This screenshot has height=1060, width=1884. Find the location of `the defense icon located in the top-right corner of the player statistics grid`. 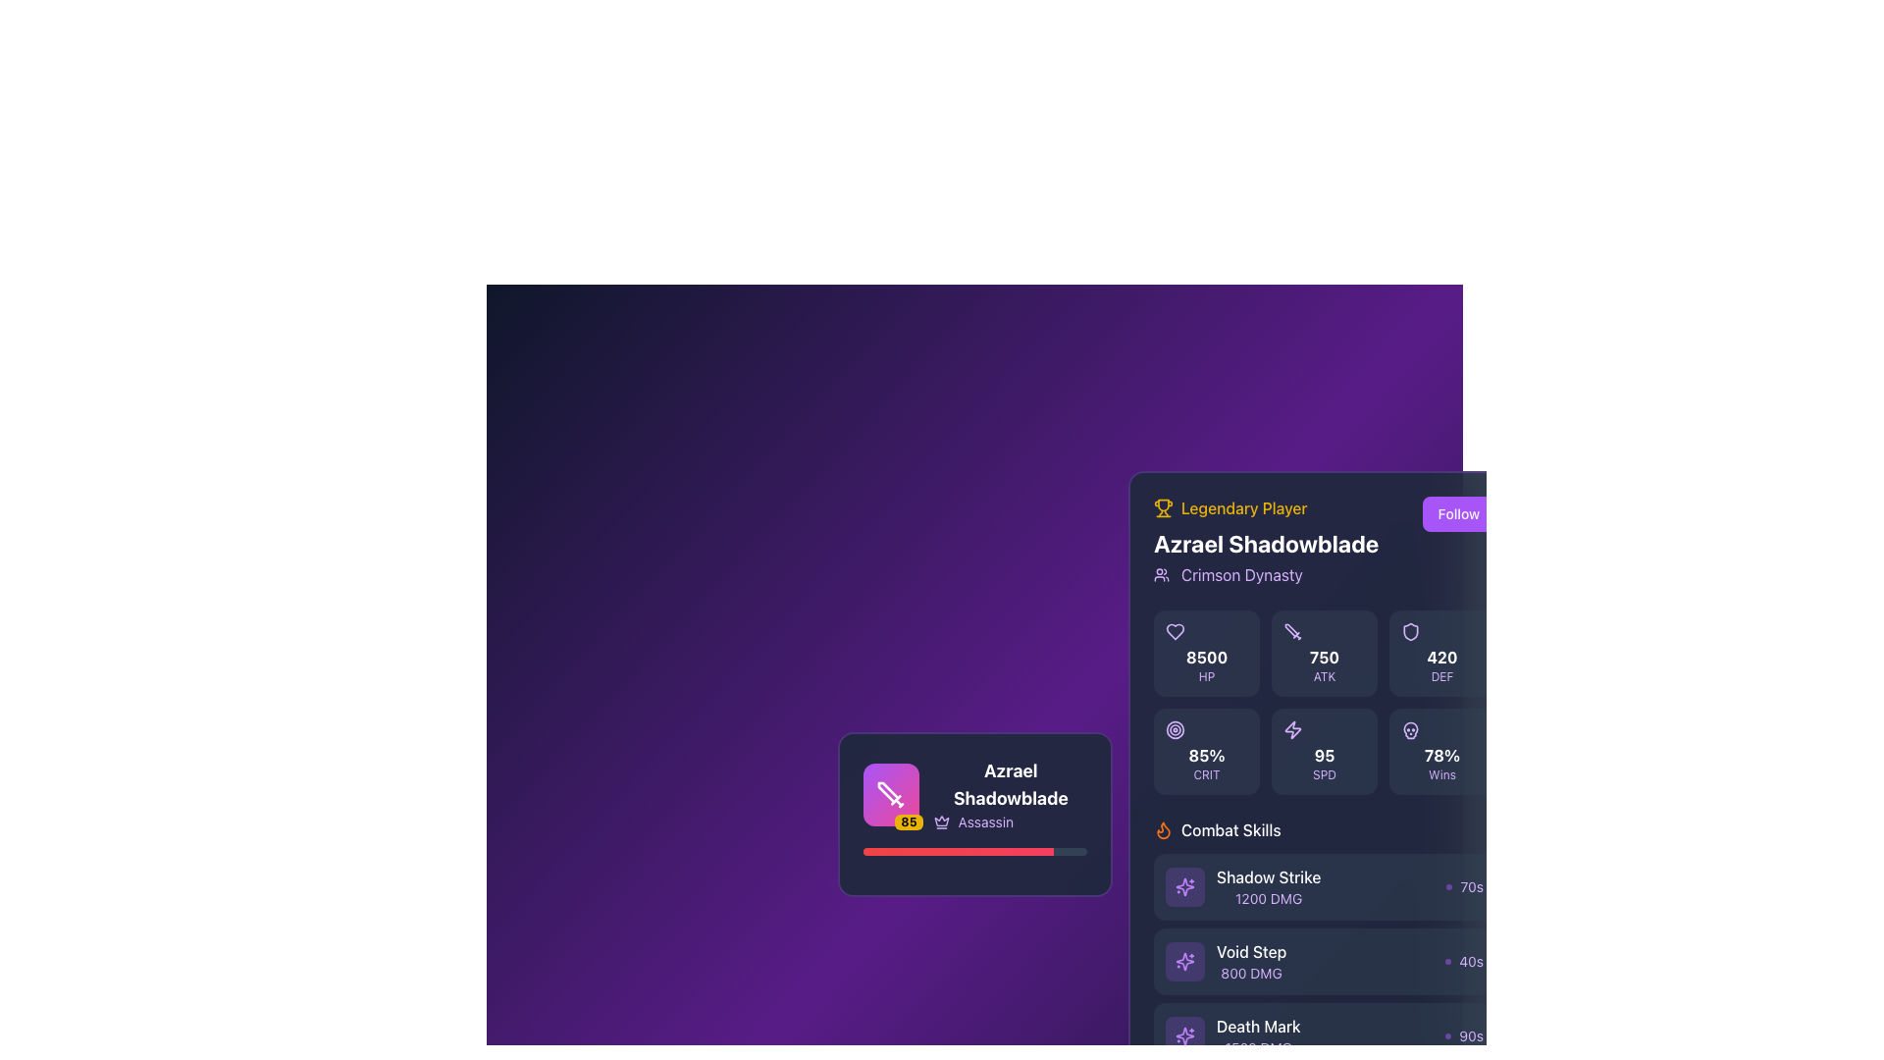

the defense icon located in the top-right corner of the player statistics grid is located at coordinates (1409, 632).